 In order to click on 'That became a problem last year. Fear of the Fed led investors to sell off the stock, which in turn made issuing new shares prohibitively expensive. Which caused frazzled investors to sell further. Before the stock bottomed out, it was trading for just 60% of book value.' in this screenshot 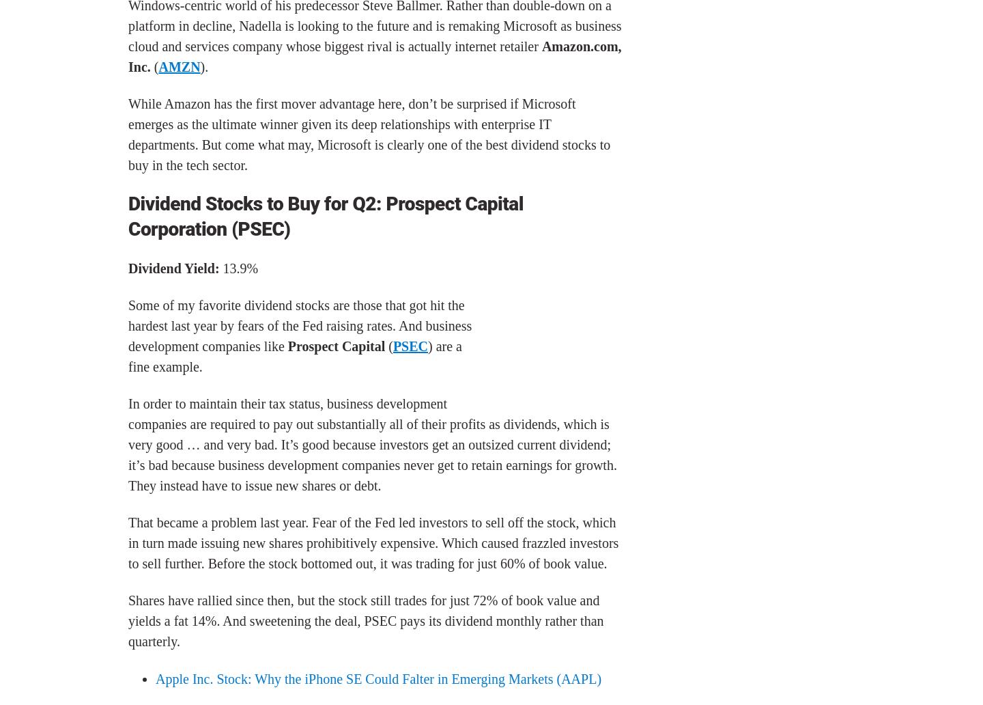, I will do `click(373, 542)`.